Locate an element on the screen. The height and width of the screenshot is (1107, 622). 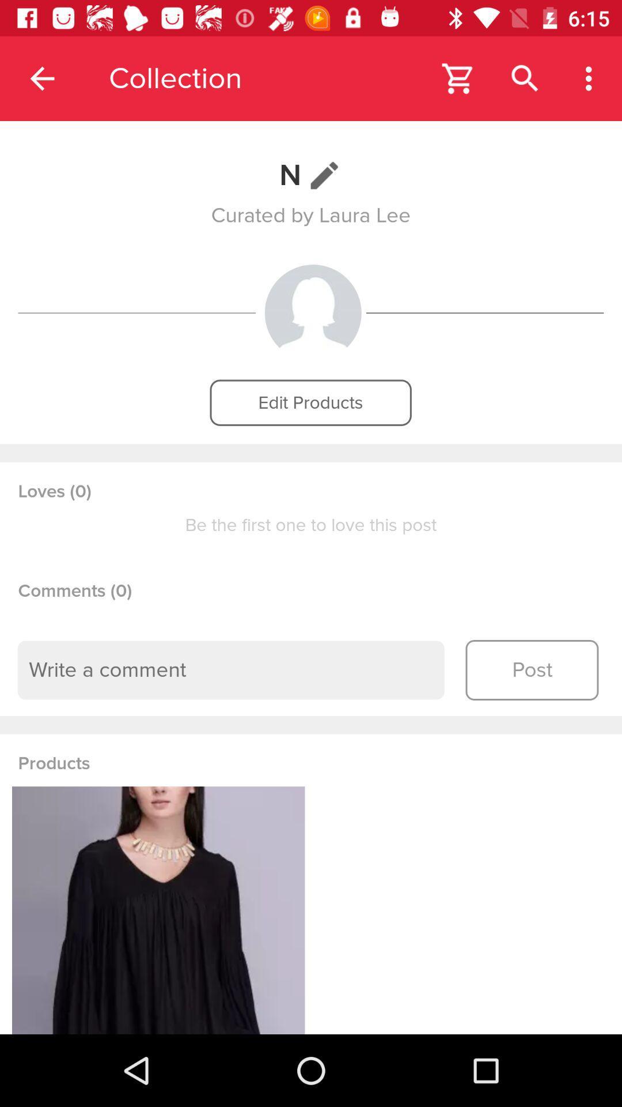
shopping cart is located at coordinates (458, 78).